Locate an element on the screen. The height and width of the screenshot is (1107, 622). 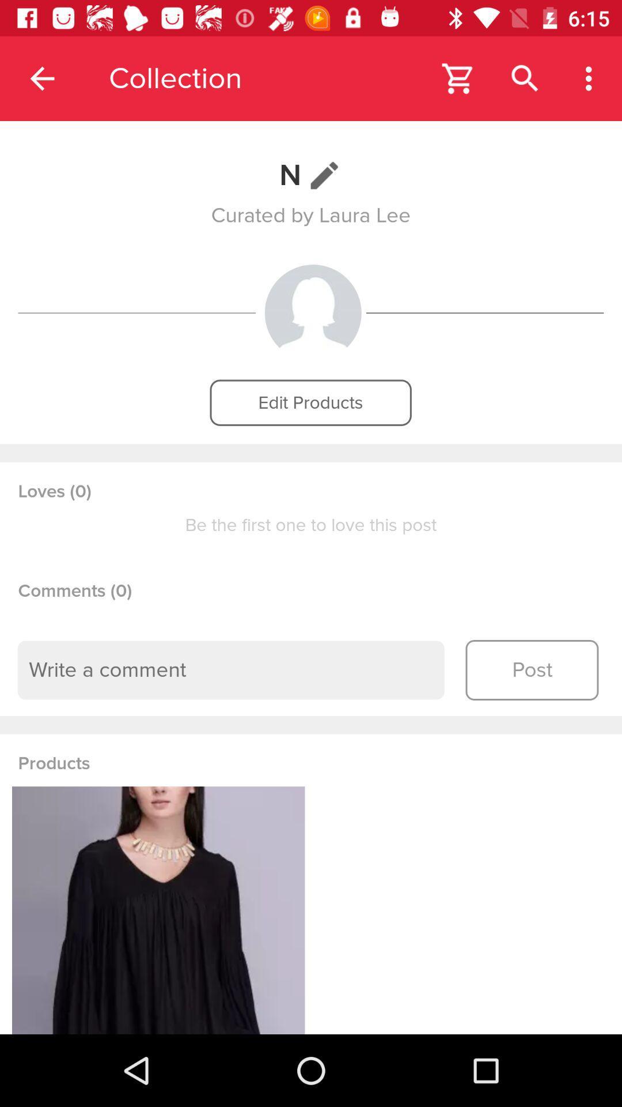
shopping cart is located at coordinates (458, 78).